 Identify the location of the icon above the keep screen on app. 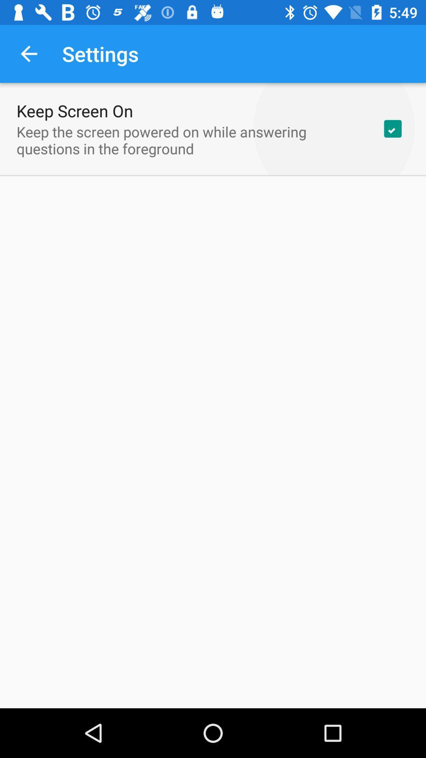
(28, 53).